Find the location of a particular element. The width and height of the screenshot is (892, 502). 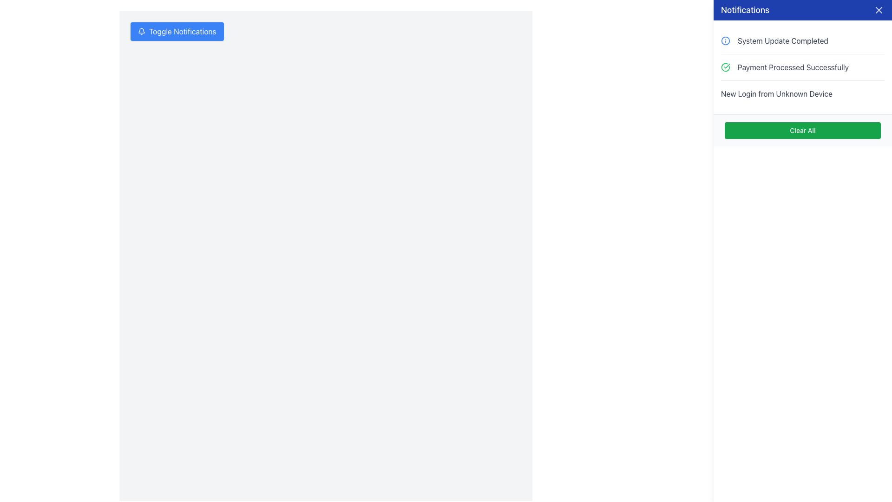

the green checkmark icon enclosed in a circle, which indicates success, located to the left of the 'Payment Processed Successfully' text in the notification panel is located at coordinates (725, 67).